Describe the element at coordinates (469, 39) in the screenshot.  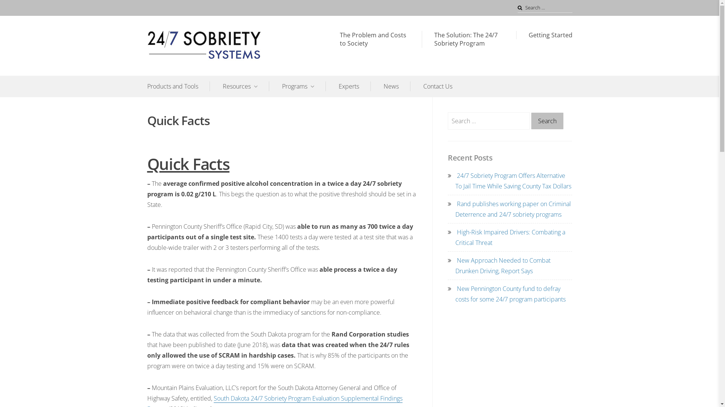
I see `'The Solution: The 24/7 Sobriety Program'` at that location.